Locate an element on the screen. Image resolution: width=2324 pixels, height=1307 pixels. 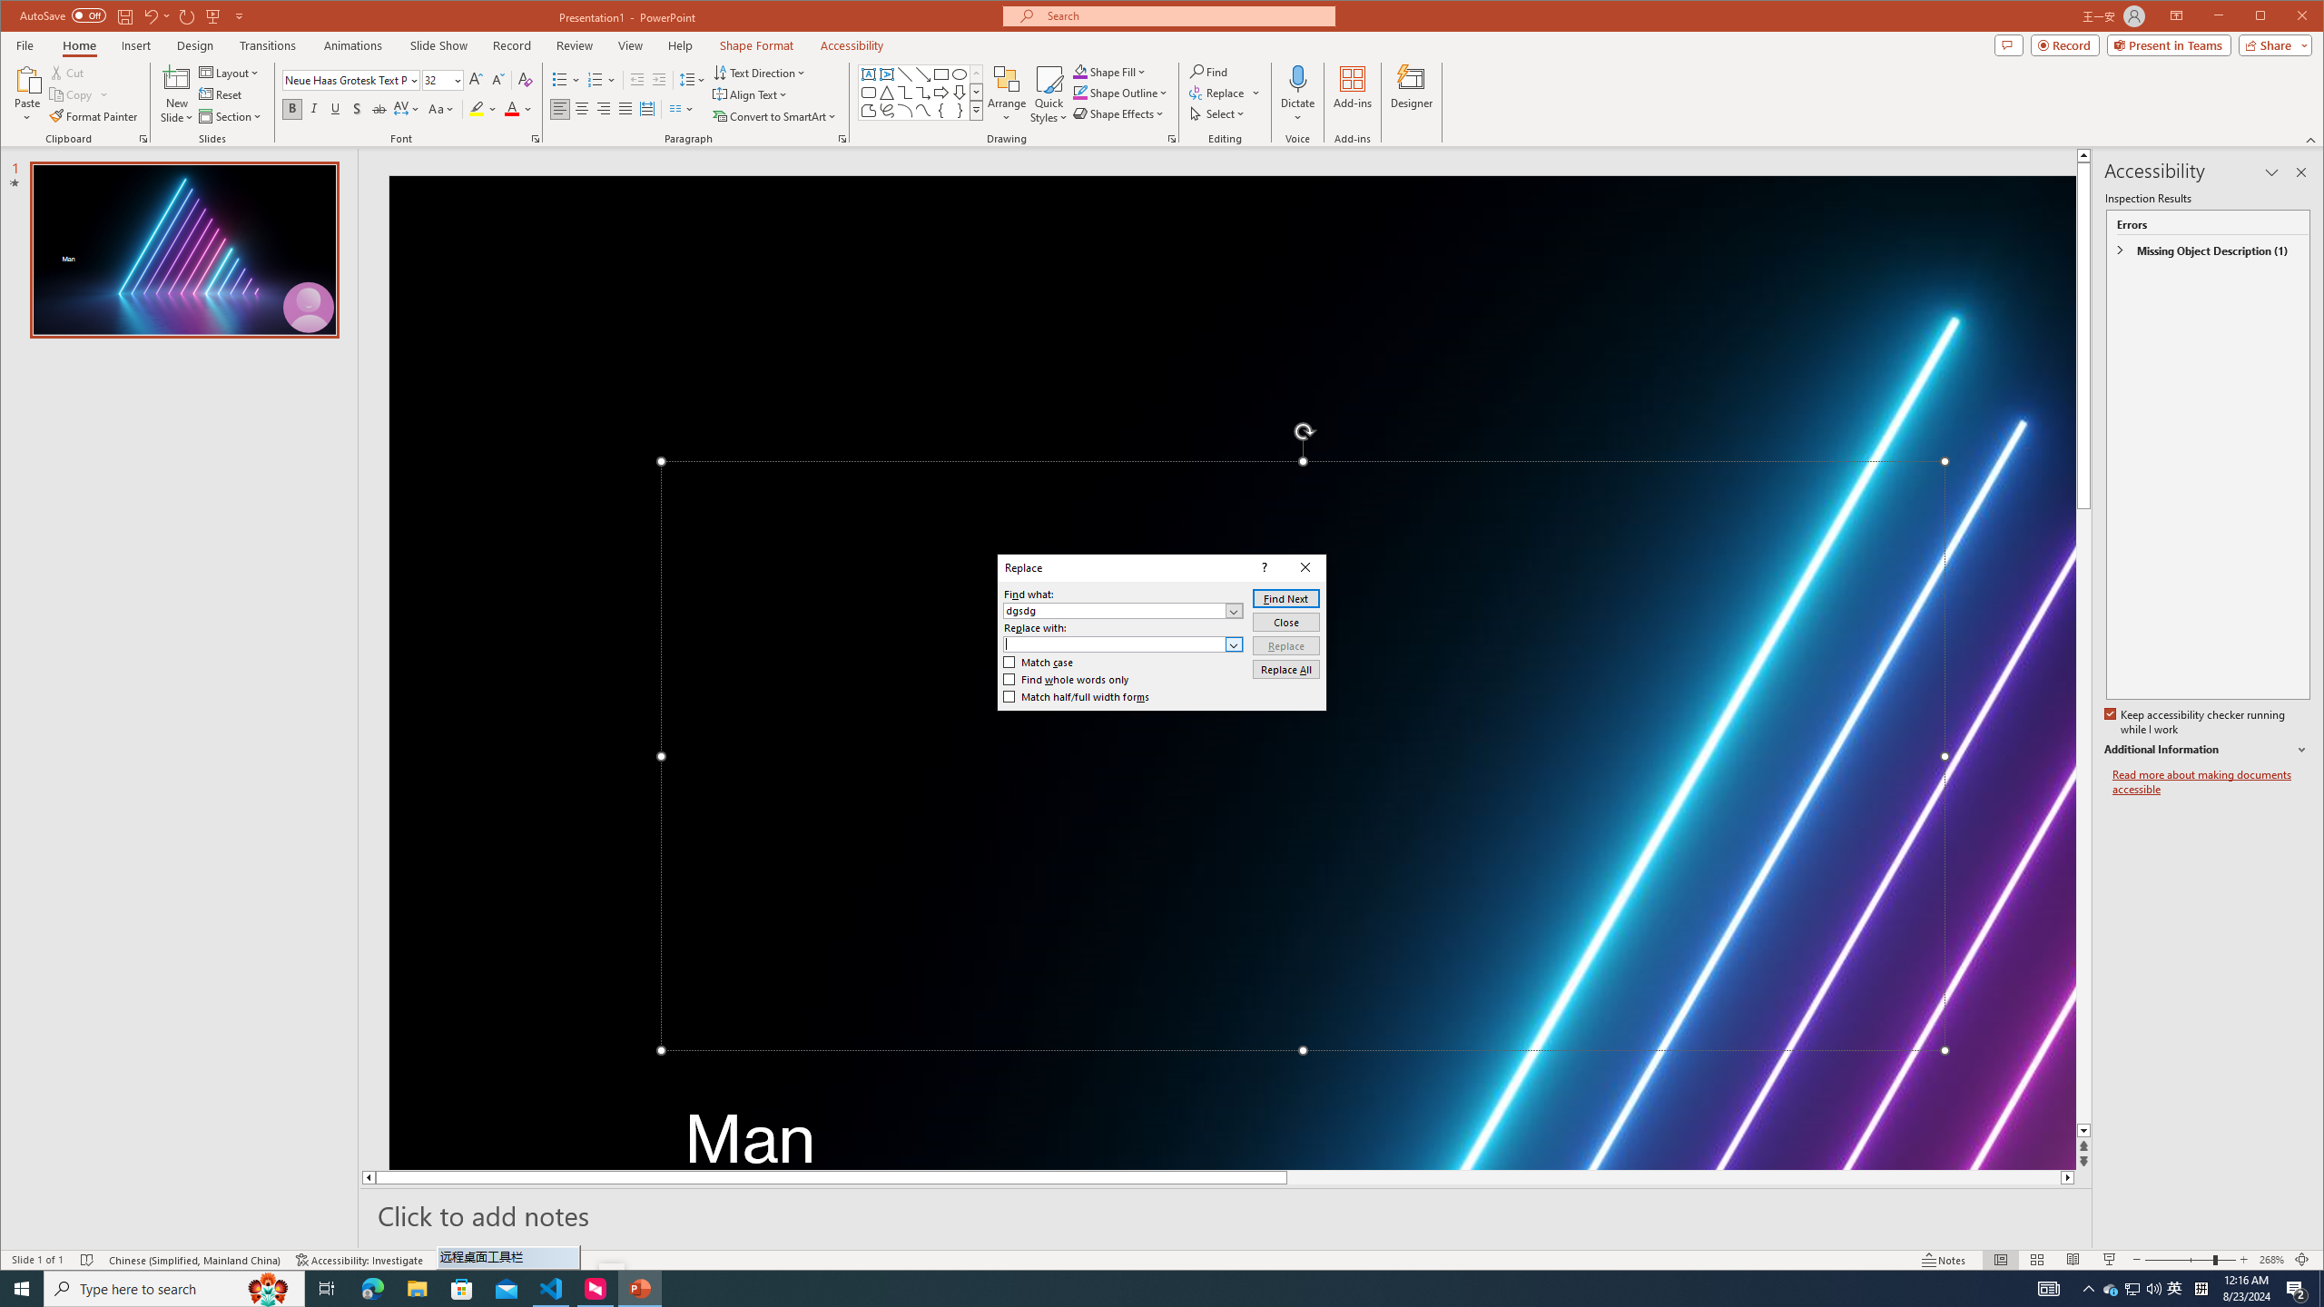
'Zoom 268%' is located at coordinates (2271, 1259).